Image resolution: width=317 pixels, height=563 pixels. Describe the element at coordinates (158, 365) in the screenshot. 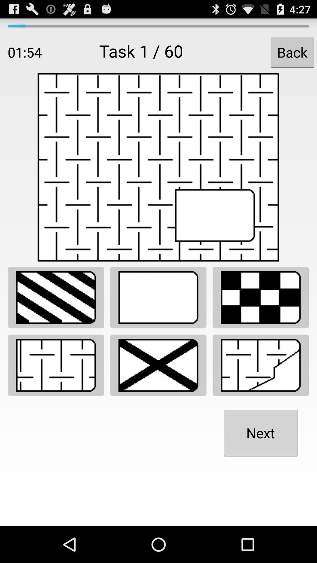

I see `choose a pattern` at that location.